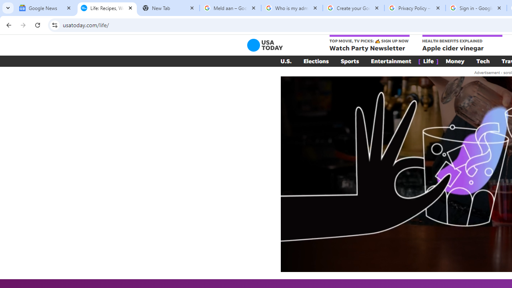 The image size is (512, 288). What do you see at coordinates (462, 44) in the screenshot?
I see `'HEALTH BENEFITS EXPLAINED Apple cider vinegar'` at bounding box center [462, 44].